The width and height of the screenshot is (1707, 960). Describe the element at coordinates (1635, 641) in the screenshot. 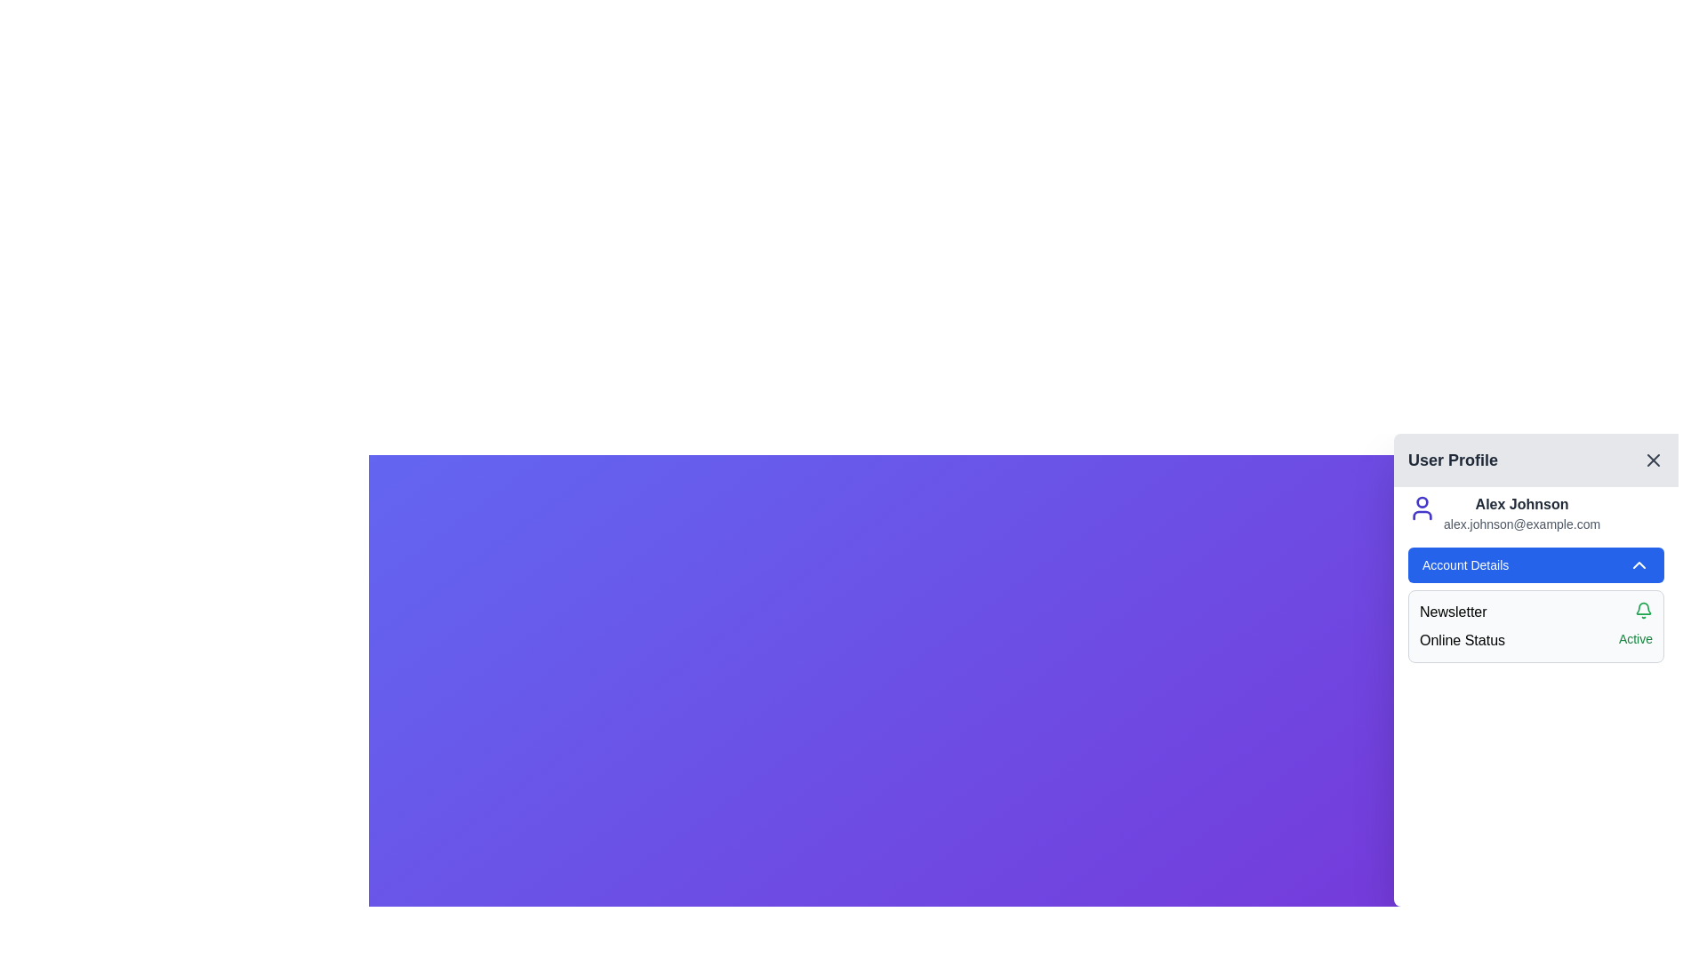

I see `the static text label indicating the user's online status in the 'User Profile' panel, located at the bottom-right corner of the 'Online Status' row` at that location.